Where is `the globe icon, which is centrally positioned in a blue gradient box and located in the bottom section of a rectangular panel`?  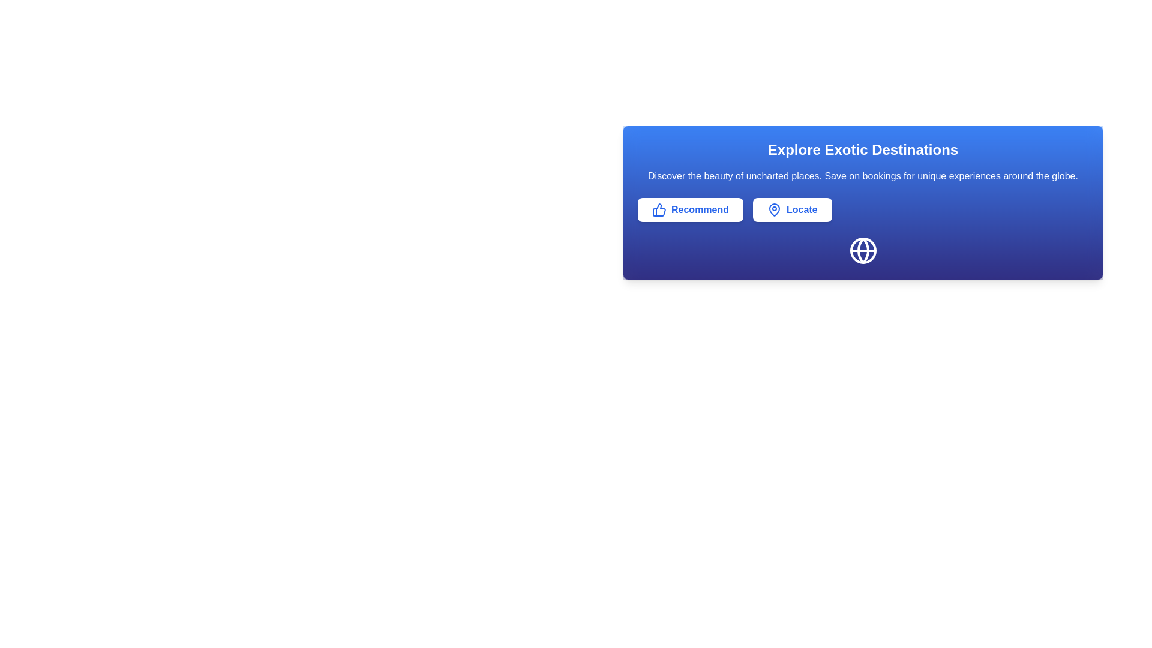 the globe icon, which is centrally positioned in a blue gradient box and located in the bottom section of a rectangular panel is located at coordinates (862, 250).